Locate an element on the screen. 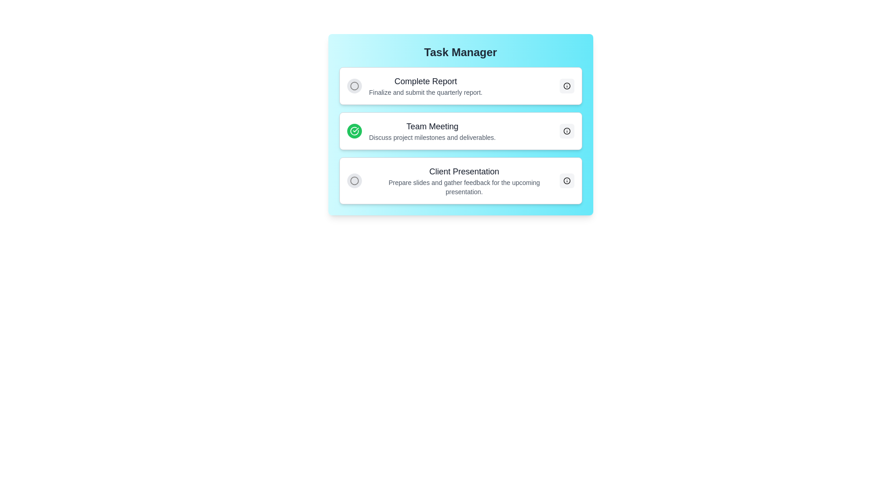 The image size is (883, 497). the third list item titled 'Client Presentation' is located at coordinates (464, 181).